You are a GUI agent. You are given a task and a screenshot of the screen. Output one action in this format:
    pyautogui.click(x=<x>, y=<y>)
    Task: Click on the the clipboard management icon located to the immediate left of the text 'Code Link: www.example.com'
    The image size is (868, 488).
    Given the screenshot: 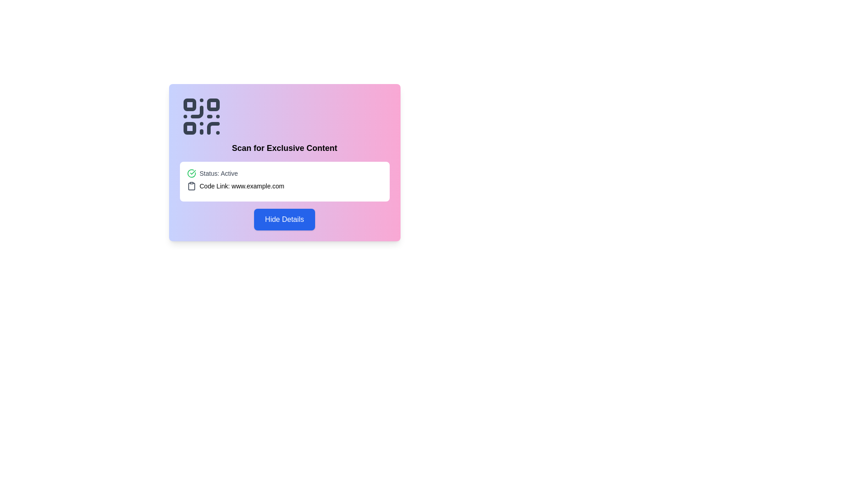 What is the action you would take?
    pyautogui.click(x=191, y=186)
    